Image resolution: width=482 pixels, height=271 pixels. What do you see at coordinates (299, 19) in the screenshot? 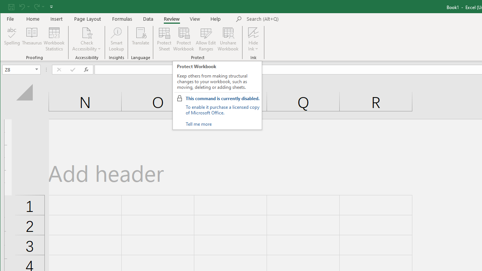
I see `'Microsoft search'` at bounding box center [299, 19].